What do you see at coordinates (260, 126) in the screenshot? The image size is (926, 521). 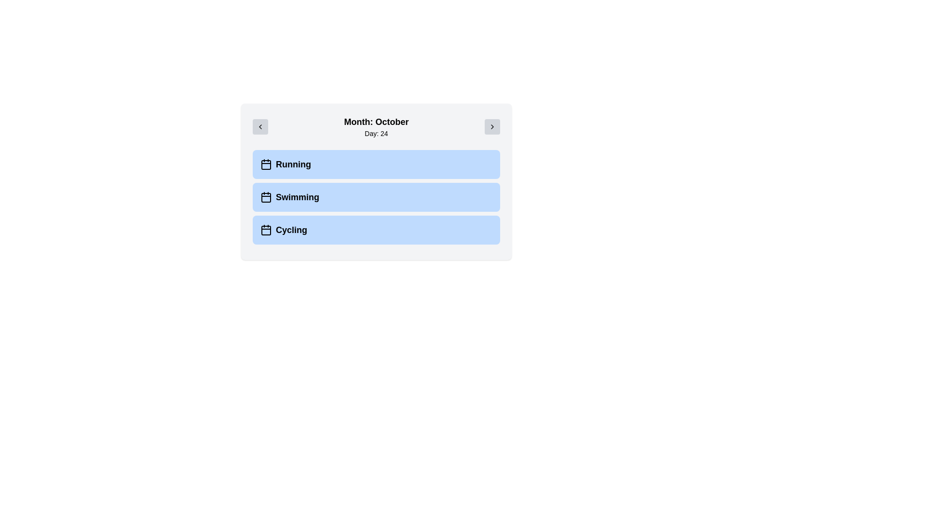 I see `the gray rounded square Icon button located in the upper left corner of the center-aligned card, which navigates backwards in the calendar view` at bounding box center [260, 126].